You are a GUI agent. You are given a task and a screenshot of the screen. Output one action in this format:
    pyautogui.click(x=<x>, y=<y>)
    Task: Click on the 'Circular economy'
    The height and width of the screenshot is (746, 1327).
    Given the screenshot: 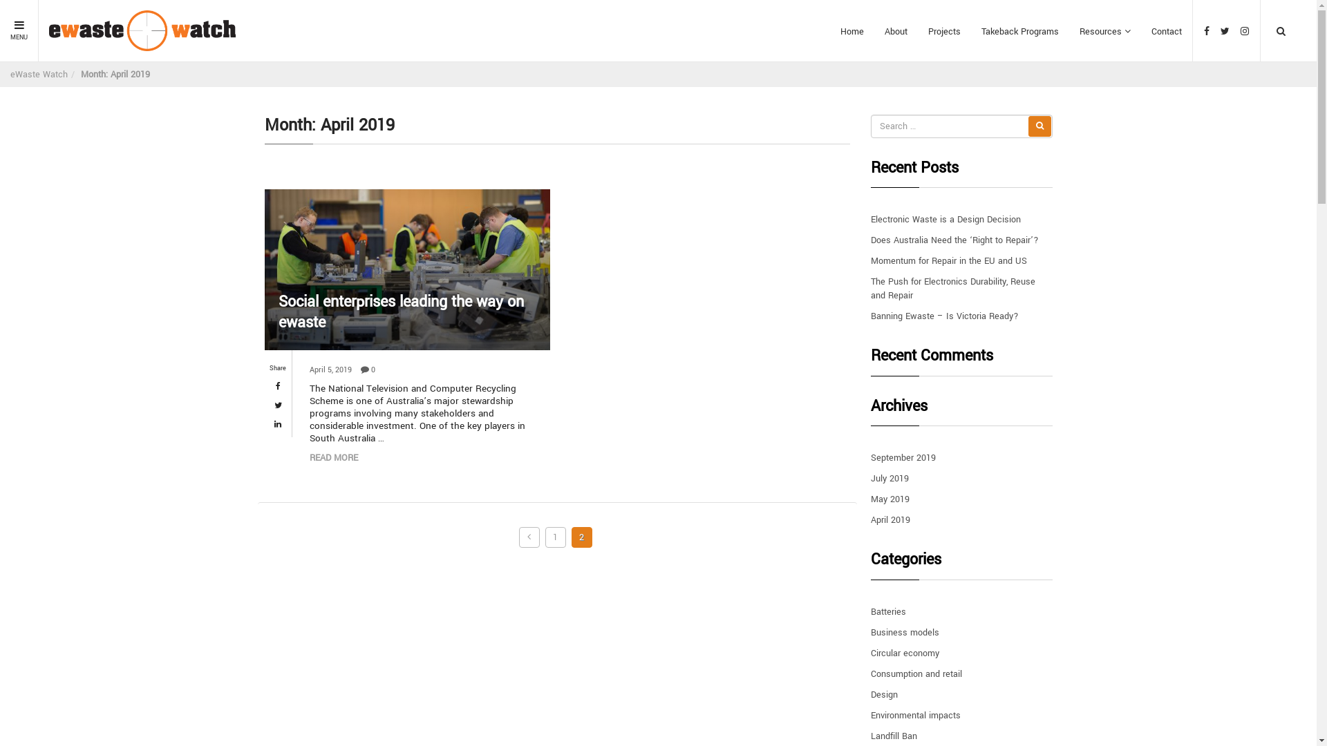 What is the action you would take?
    pyautogui.click(x=905, y=653)
    